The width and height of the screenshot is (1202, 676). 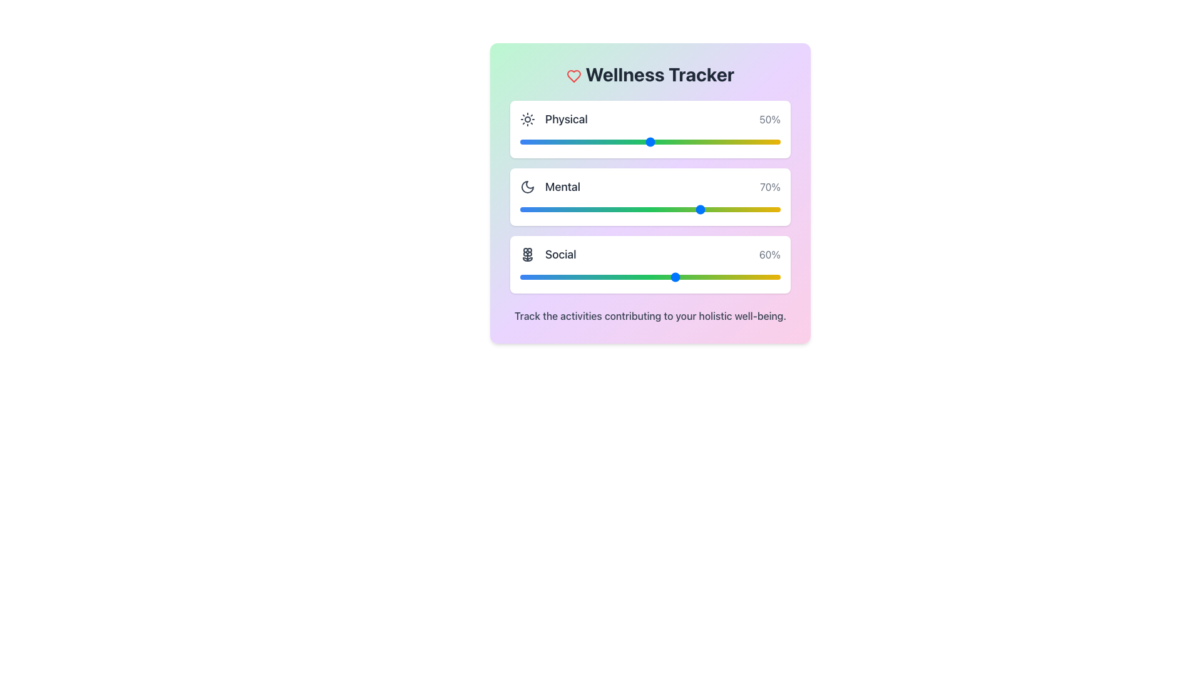 I want to click on the 'Physical' label with the sun-shaped icon and '50%' text, which is the first entry in the Wellness Tracker list, so click(x=650, y=120).